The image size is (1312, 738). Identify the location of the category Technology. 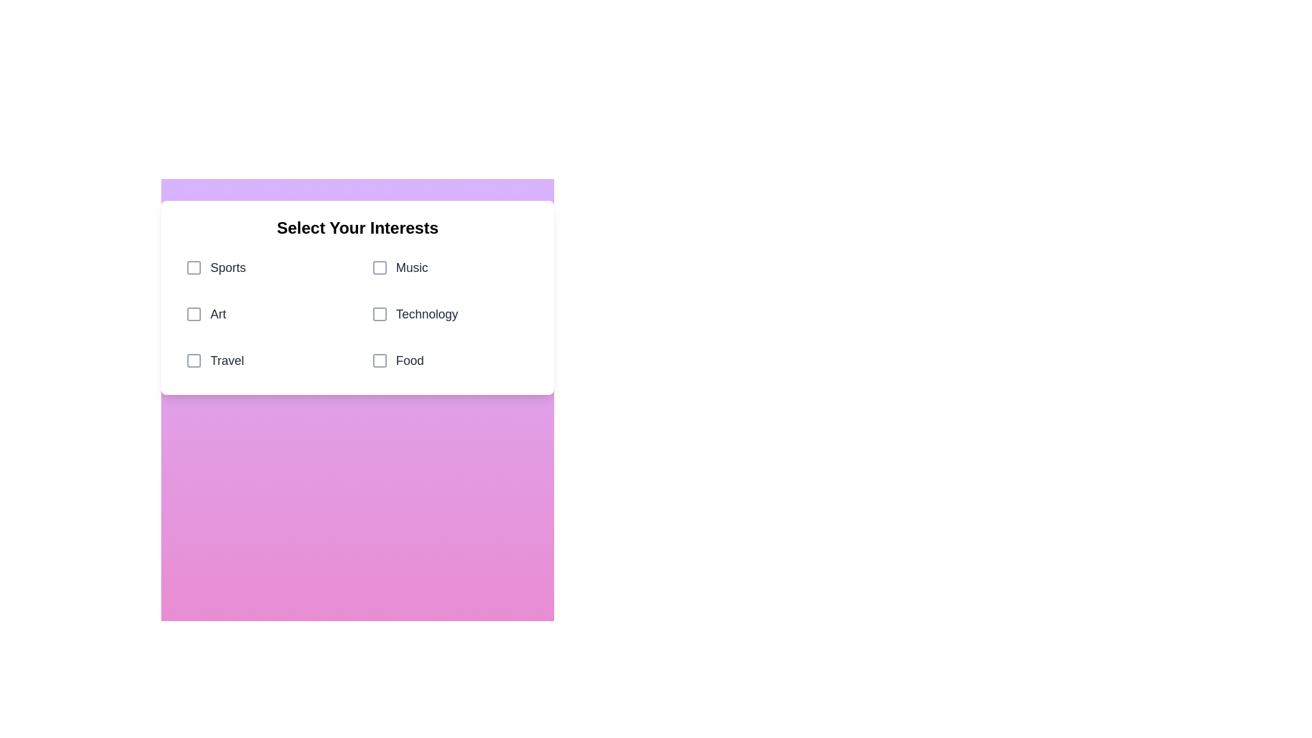
(450, 314).